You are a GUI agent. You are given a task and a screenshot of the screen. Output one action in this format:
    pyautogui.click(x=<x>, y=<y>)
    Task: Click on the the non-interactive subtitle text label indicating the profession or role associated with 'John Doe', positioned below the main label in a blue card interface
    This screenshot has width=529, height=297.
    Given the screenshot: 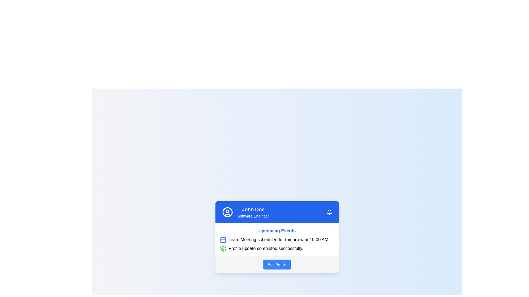 What is the action you would take?
    pyautogui.click(x=253, y=216)
    